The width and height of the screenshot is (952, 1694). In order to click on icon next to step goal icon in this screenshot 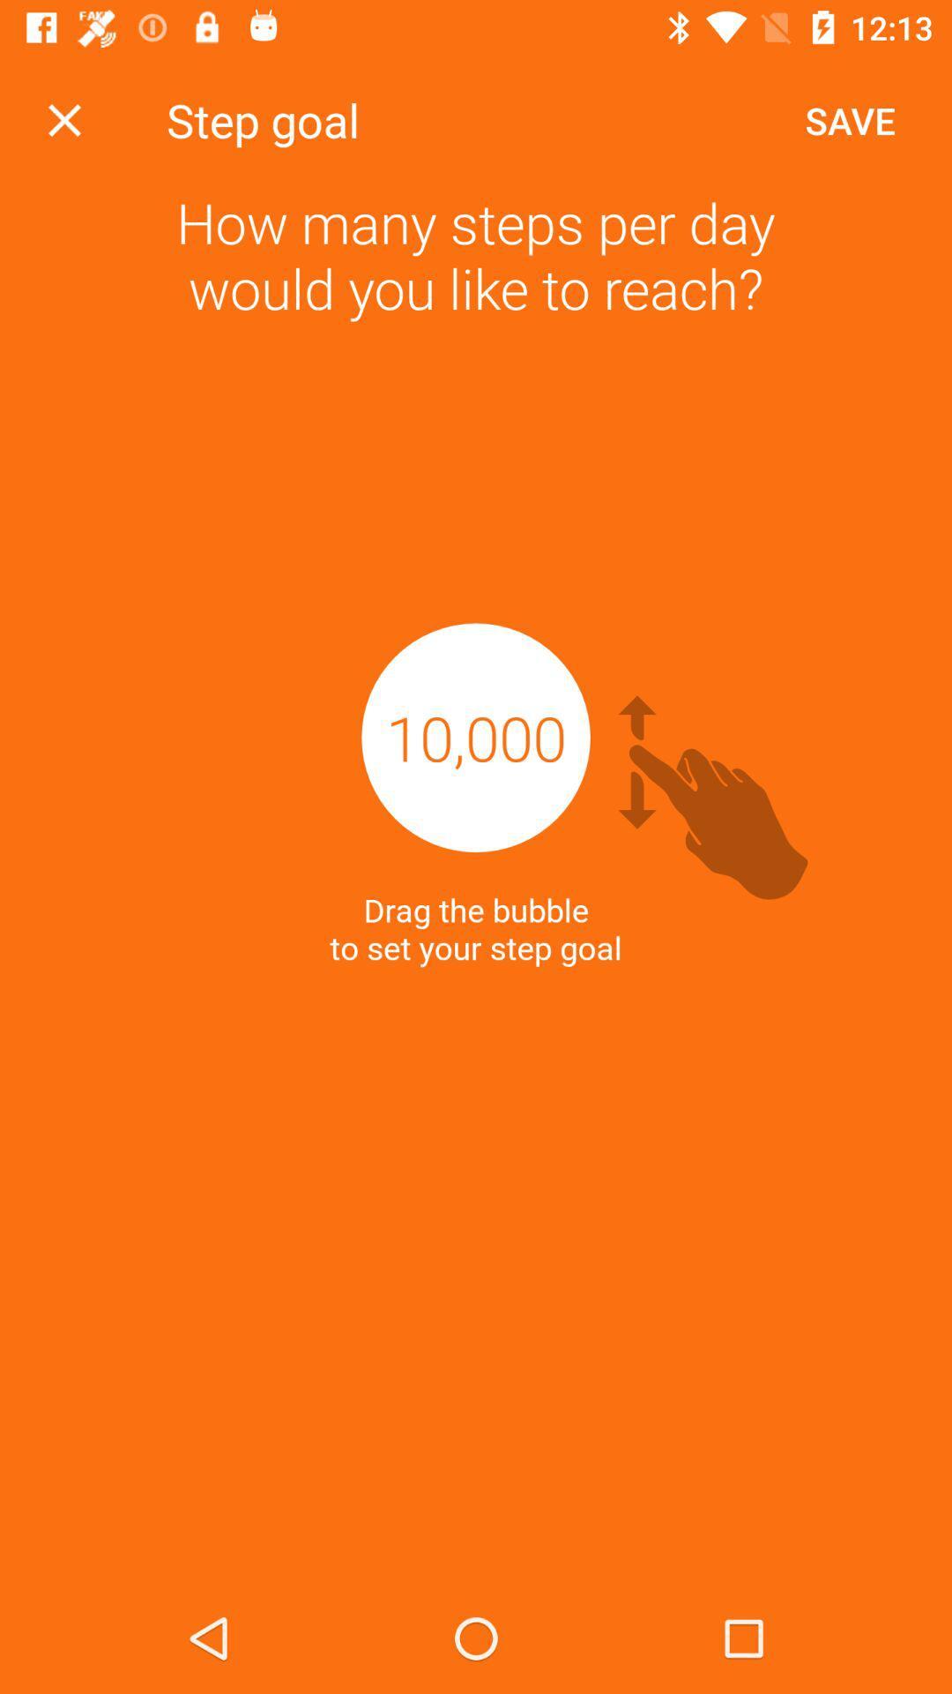, I will do `click(849, 119)`.